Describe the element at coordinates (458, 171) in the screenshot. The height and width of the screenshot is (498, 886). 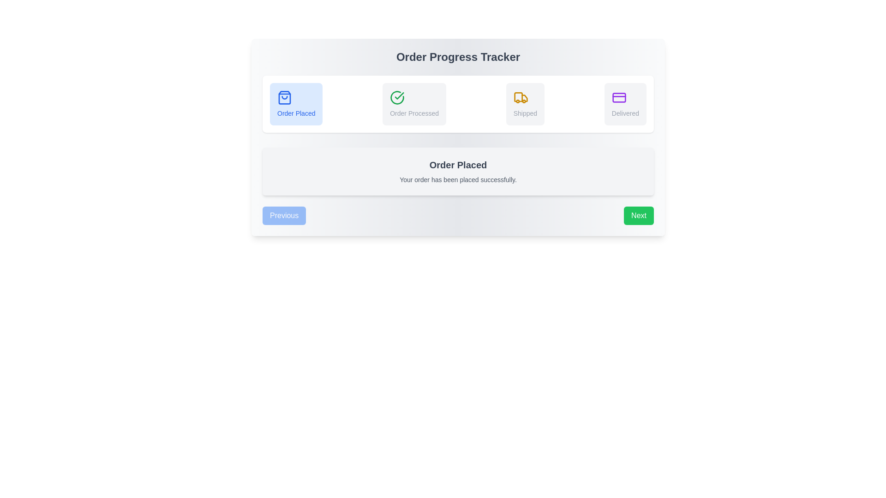
I see `the informational card that indicates the order has been successfully placed, located in the 'Order Progress Tracker' section, directly below the progress indicator row` at that location.